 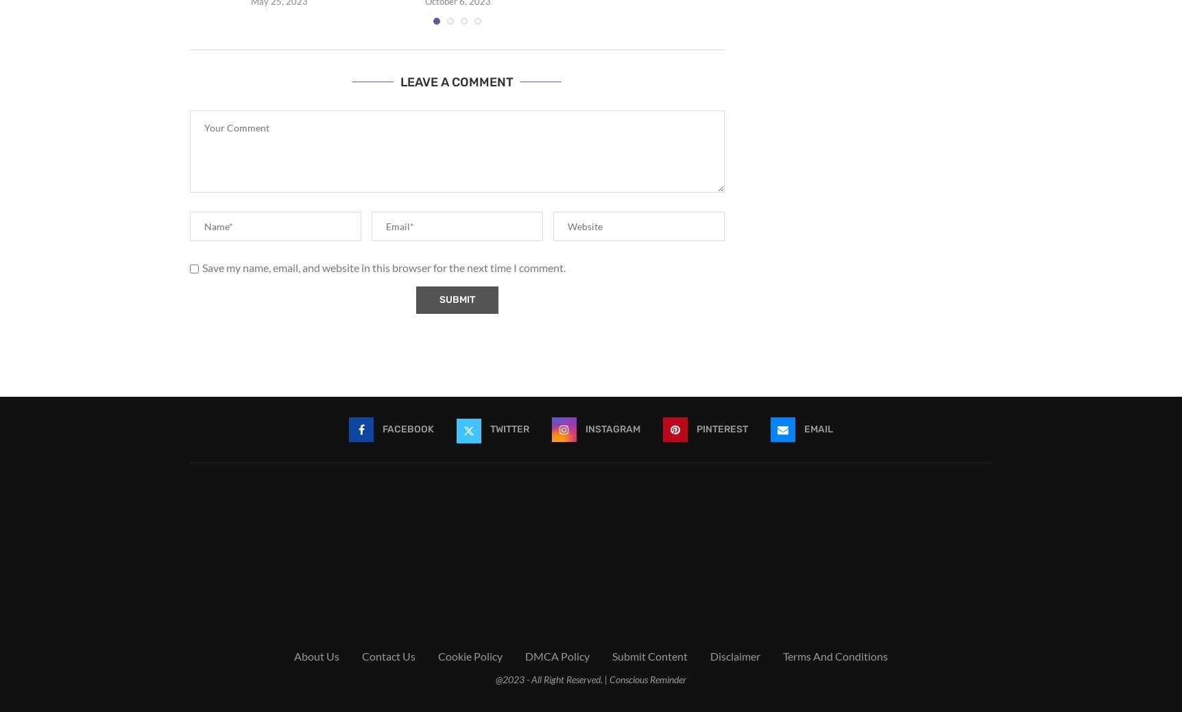 I want to click on 'DMCA Policy', so click(x=557, y=656).